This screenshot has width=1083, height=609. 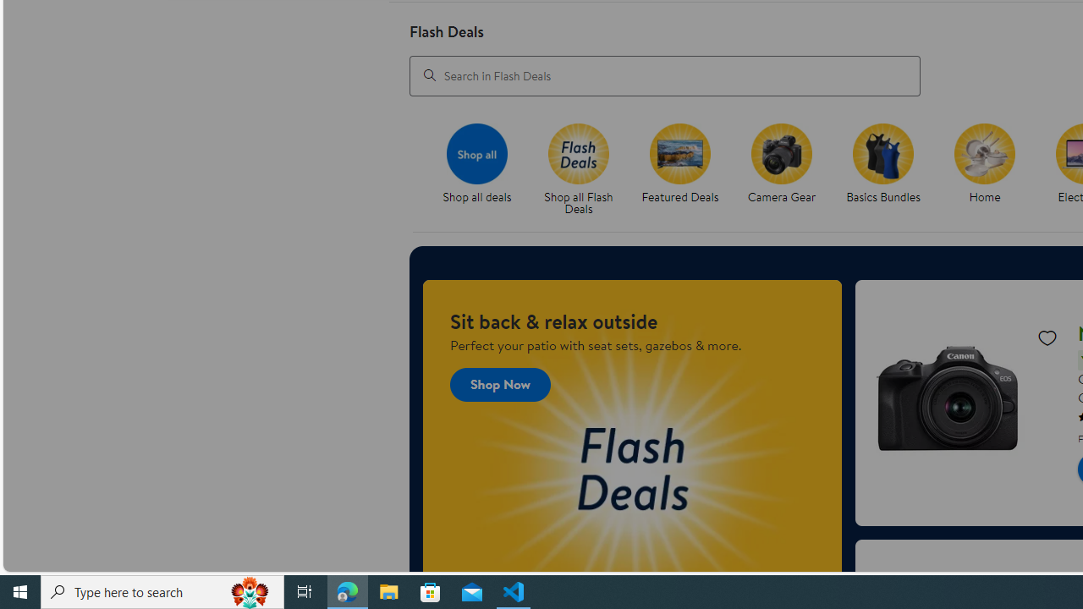 I want to click on 'Basics Bundles', so click(x=882, y=153).